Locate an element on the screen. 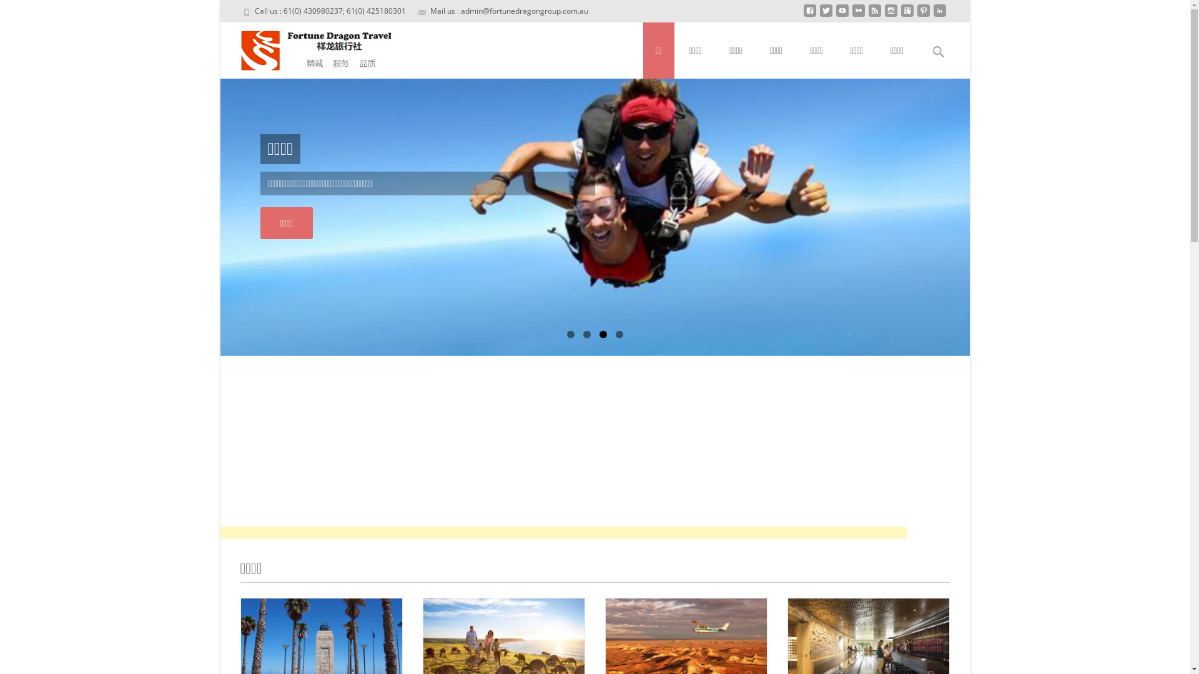 This screenshot has height=674, width=1199. 'flickr' is located at coordinates (857, 15).